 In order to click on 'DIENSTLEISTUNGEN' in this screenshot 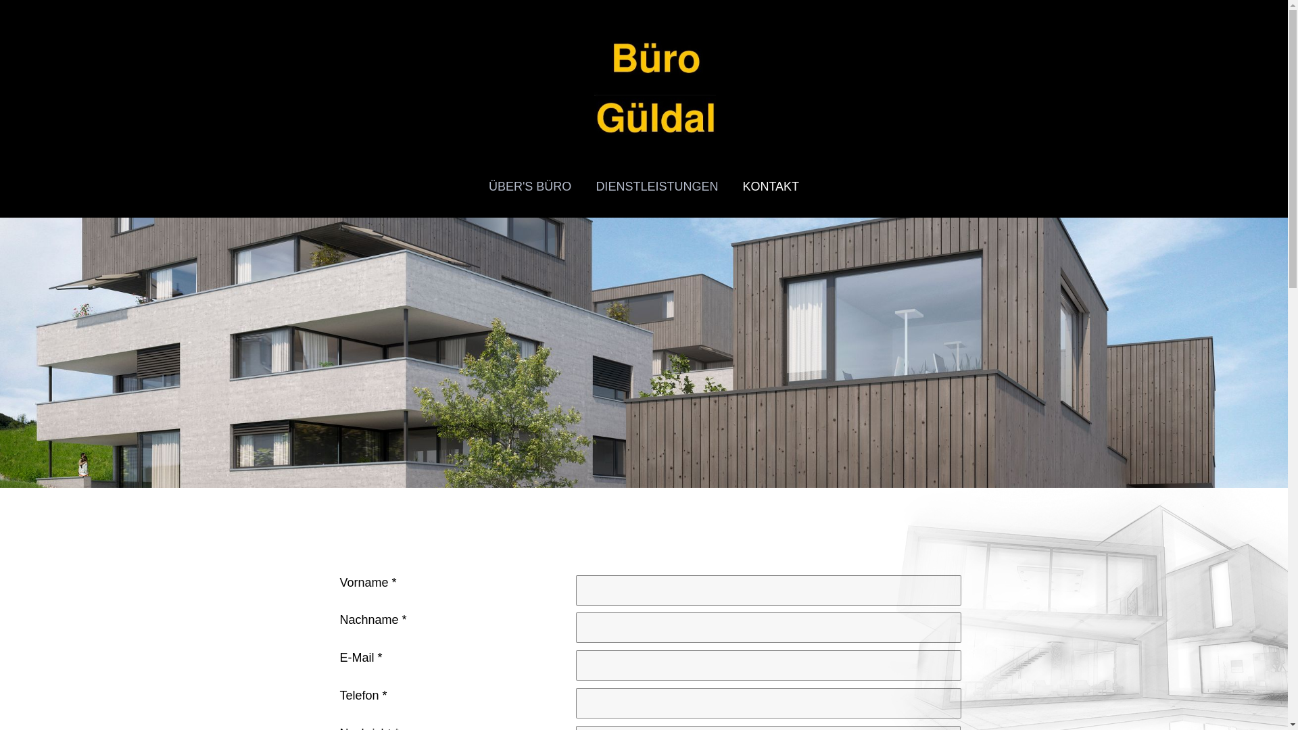, I will do `click(656, 187)`.